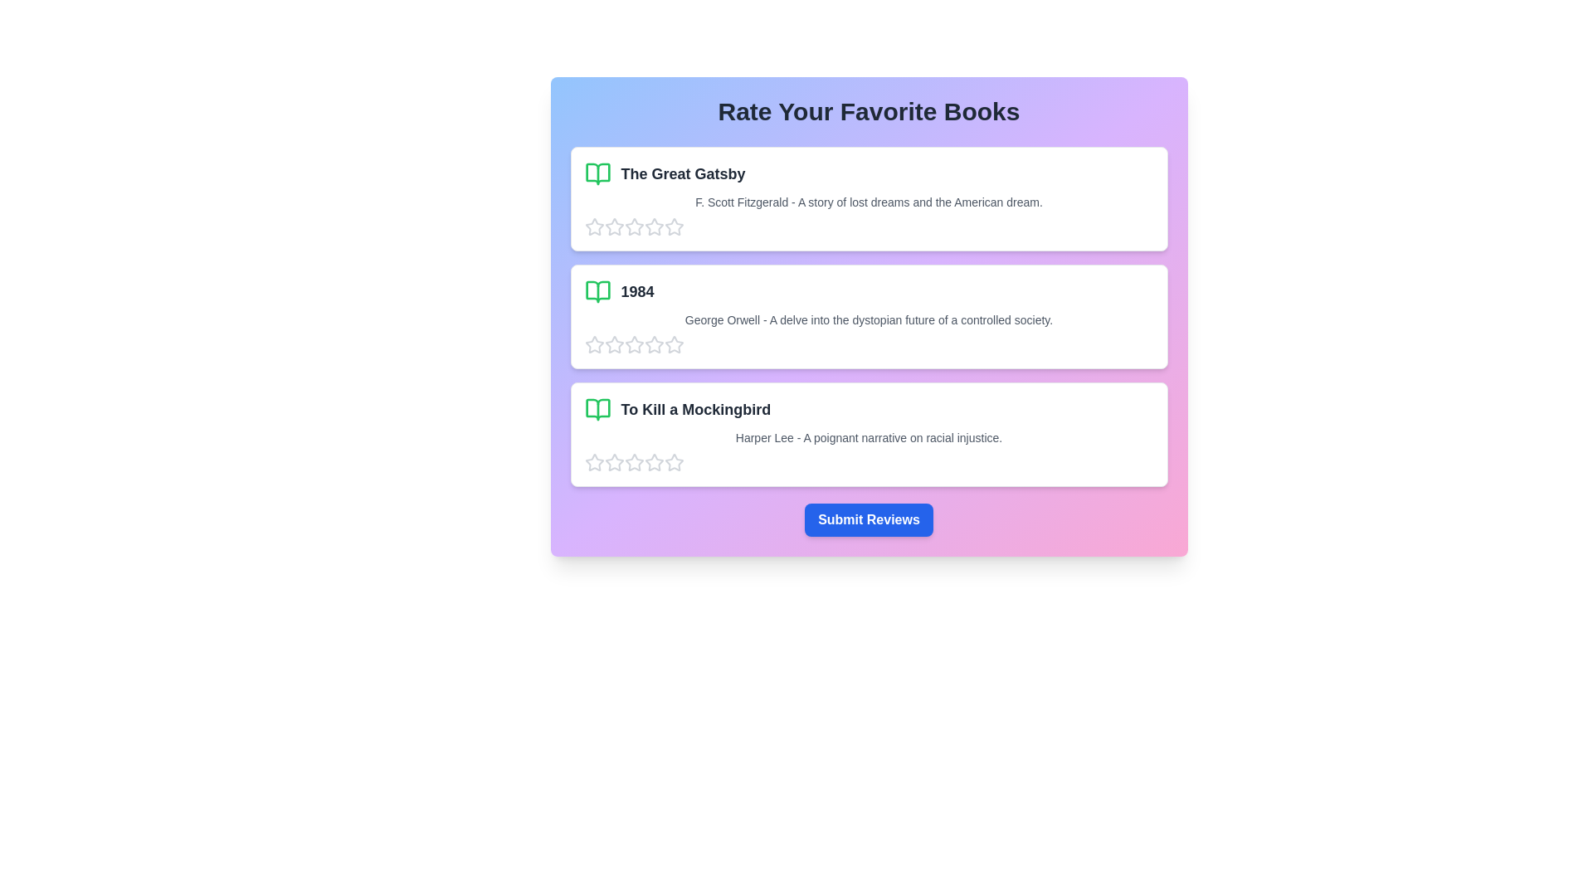  What do you see at coordinates (674, 463) in the screenshot?
I see `the star corresponding to 5 for the book titled To Kill a Mockingbird` at bounding box center [674, 463].